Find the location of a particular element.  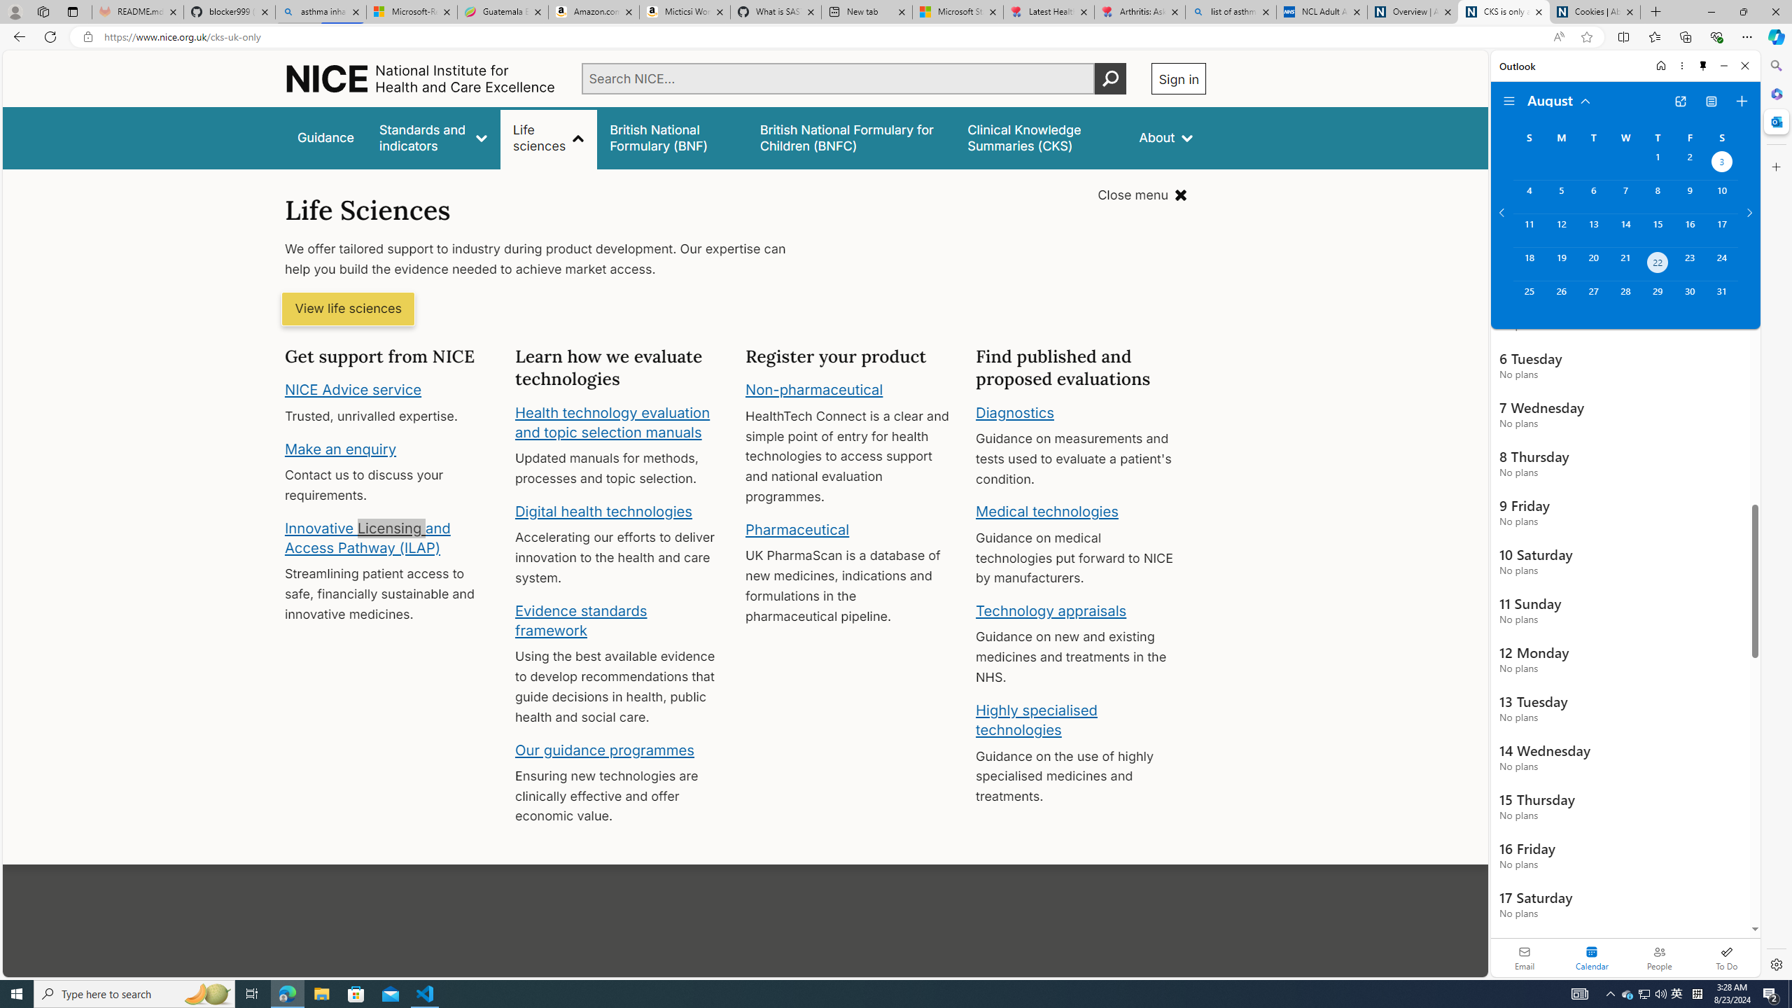

'CKS is only available in the UK | NICE' is located at coordinates (1504, 11).